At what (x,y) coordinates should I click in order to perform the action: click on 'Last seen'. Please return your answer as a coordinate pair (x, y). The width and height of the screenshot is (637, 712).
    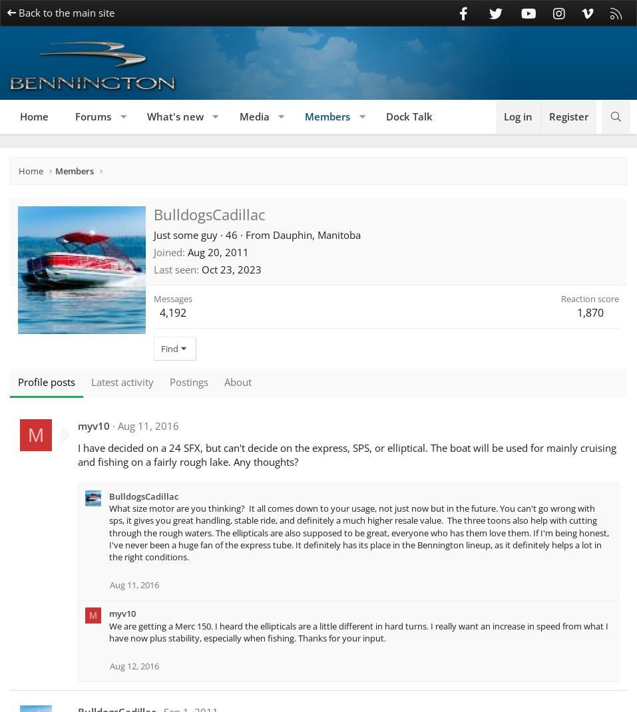
    Looking at the image, I should click on (174, 268).